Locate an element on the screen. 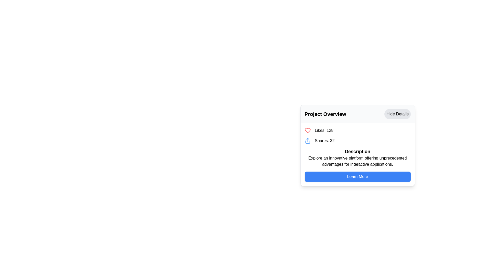 This screenshot has height=277, width=492. the rectangular button with a blue background and white text labeled 'Learn More' is located at coordinates (357, 176).